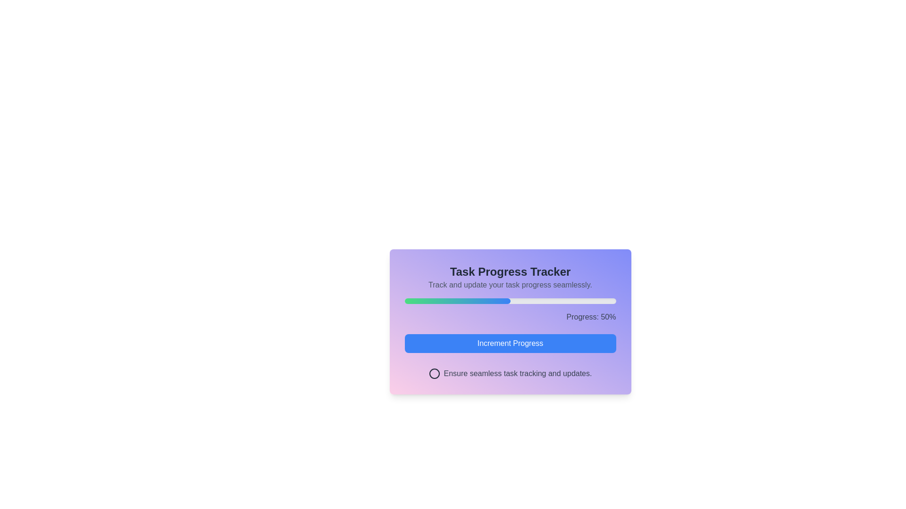  What do you see at coordinates (457, 301) in the screenshot?
I see `the progress indicator which visually represents that the process is 50% complete, located at the center of the interface` at bounding box center [457, 301].